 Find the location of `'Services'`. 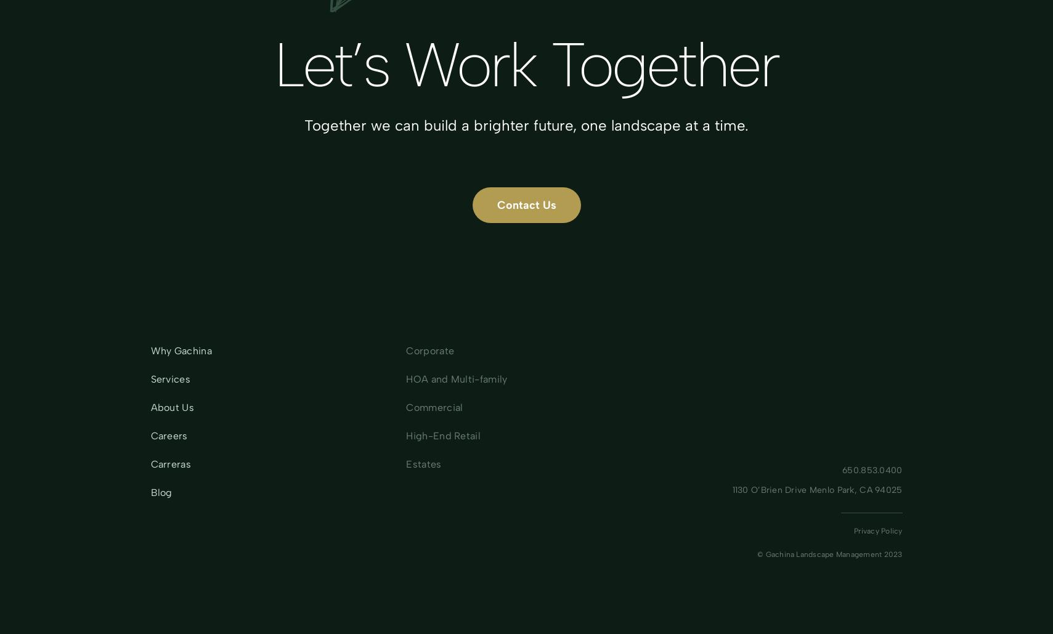

'Services' is located at coordinates (169, 378).